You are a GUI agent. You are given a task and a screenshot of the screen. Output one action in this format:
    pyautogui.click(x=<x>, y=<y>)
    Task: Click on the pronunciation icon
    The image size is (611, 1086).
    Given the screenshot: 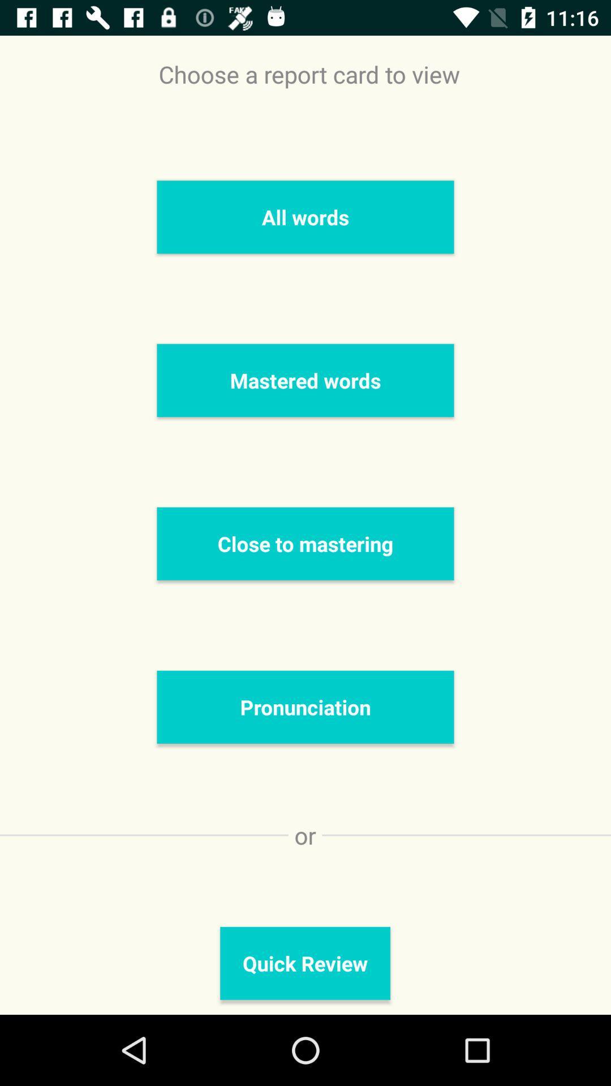 What is the action you would take?
    pyautogui.click(x=305, y=706)
    